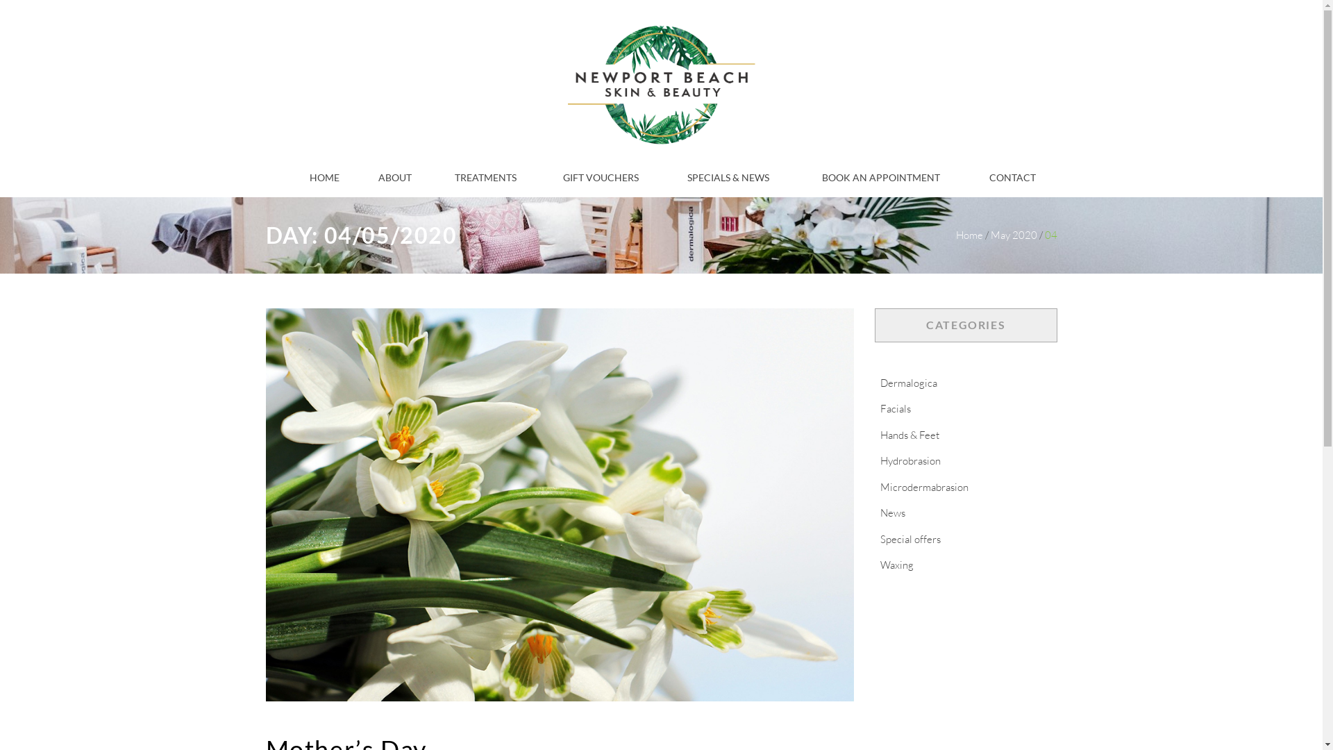 The height and width of the screenshot is (750, 1333). What do you see at coordinates (1012, 177) in the screenshot?
I see `'CONTACT'` at bounding box center [1012, 177].